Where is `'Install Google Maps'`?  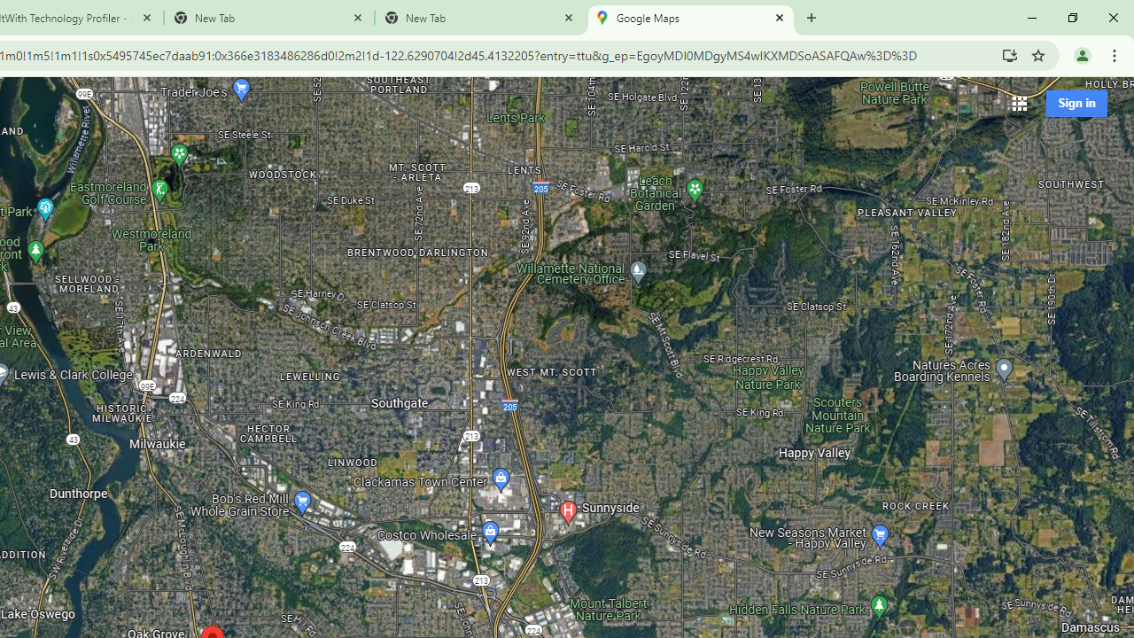
'Install Google Maps' is located at coordinates (1009, 54).